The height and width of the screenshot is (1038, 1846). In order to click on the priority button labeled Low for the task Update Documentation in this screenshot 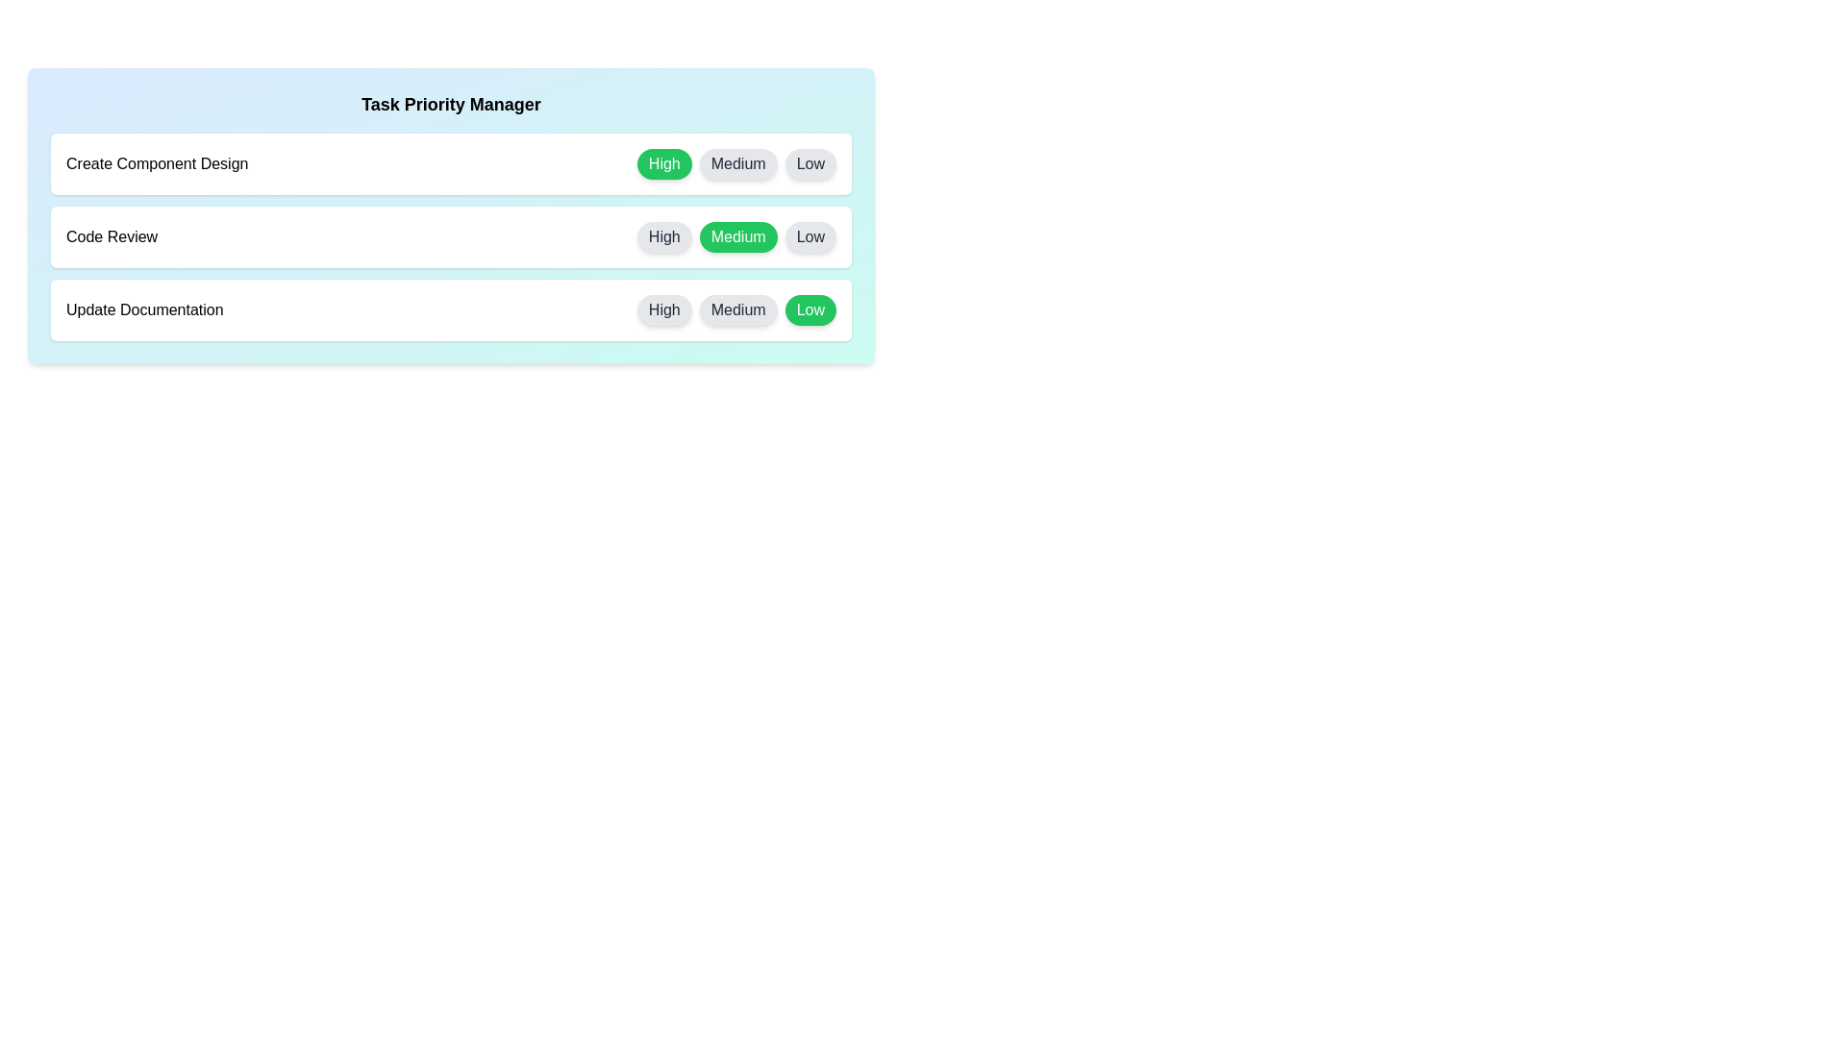, I will do `click(811, 309)`.